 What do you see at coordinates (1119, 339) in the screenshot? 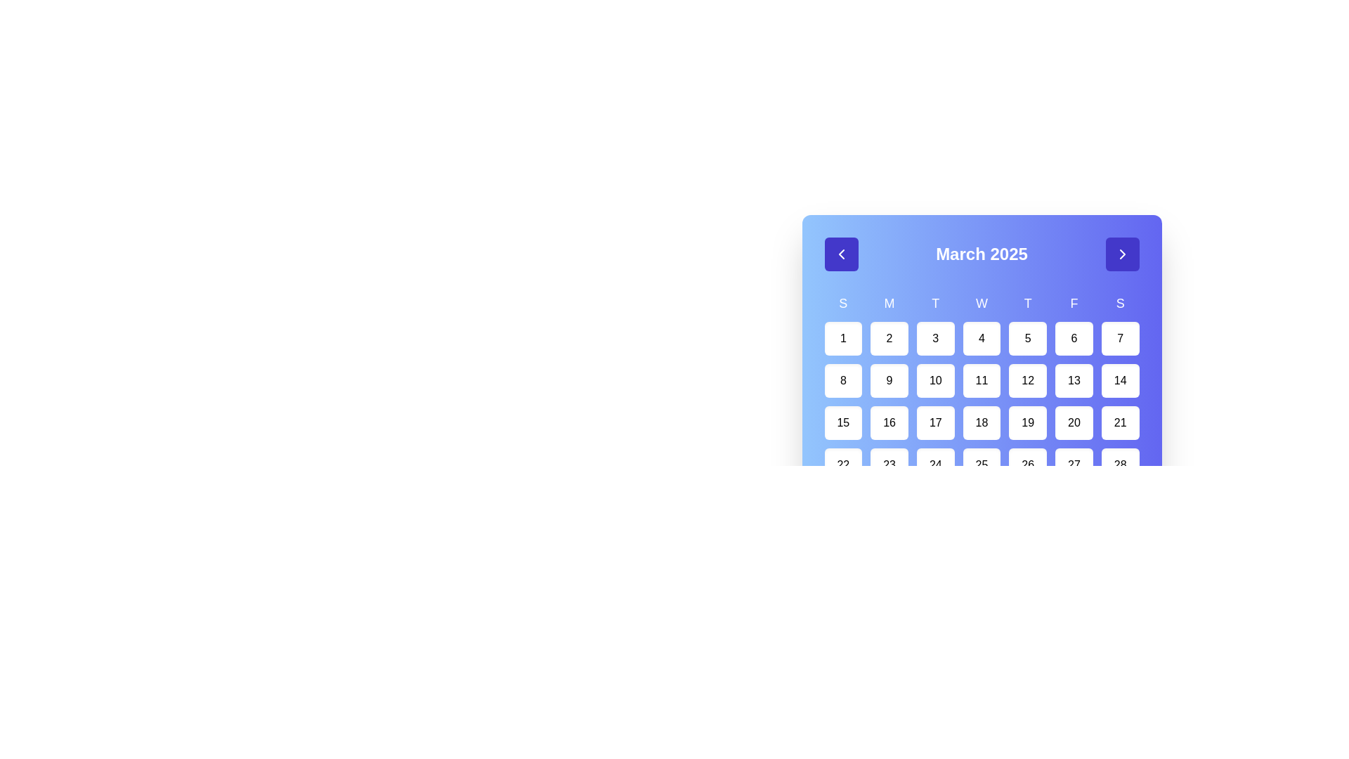
I see `the selectable day button for the 7th day of the month in the calendar grid located in the first row and seventh column under the 'S' header` at bounding box center [1119, 339].